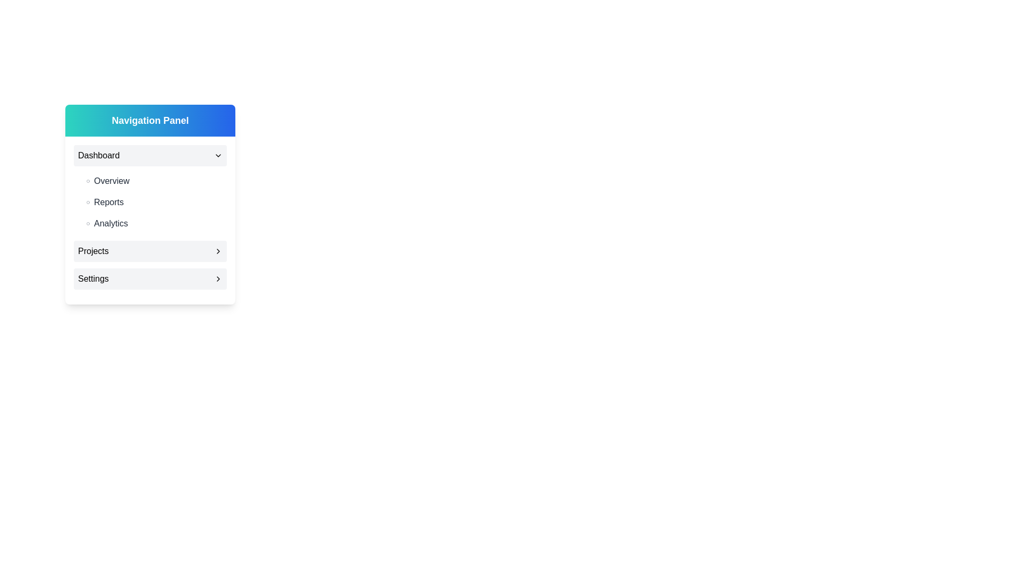 This screenshot has height=574, width=1020. I want to click on the fourth clickable navigation menu item labeled 'Projects' in the sidebar, so click(150, 251).